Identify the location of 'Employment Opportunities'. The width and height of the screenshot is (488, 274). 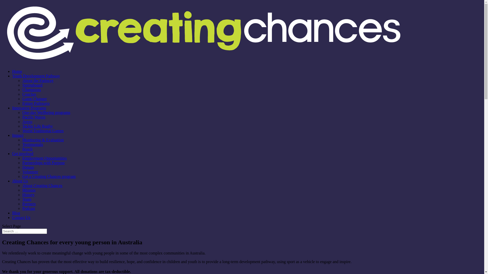
(44, 158).